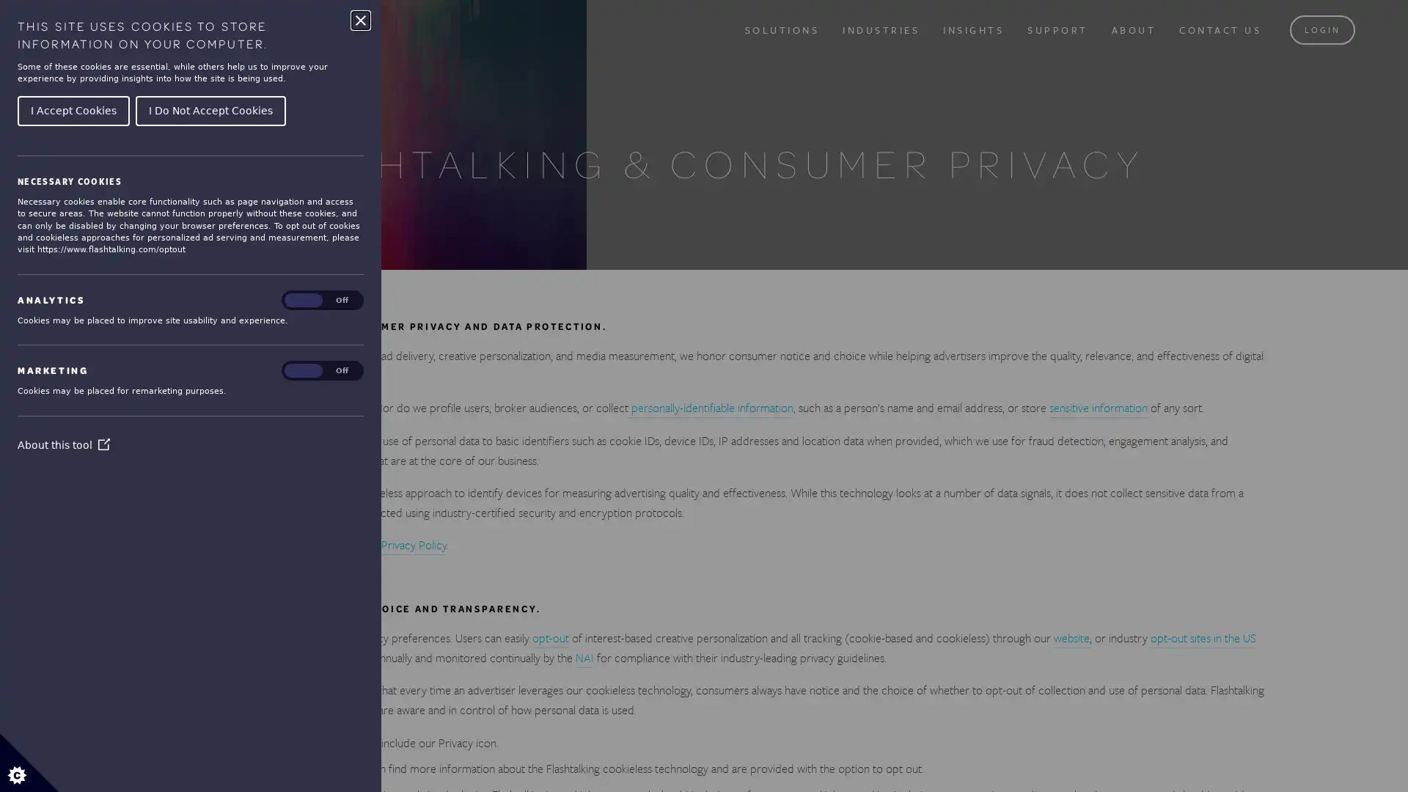  Describe the element at coordinates (73, 109) in the screenshot. I see `I Accept Cookies` at that location.